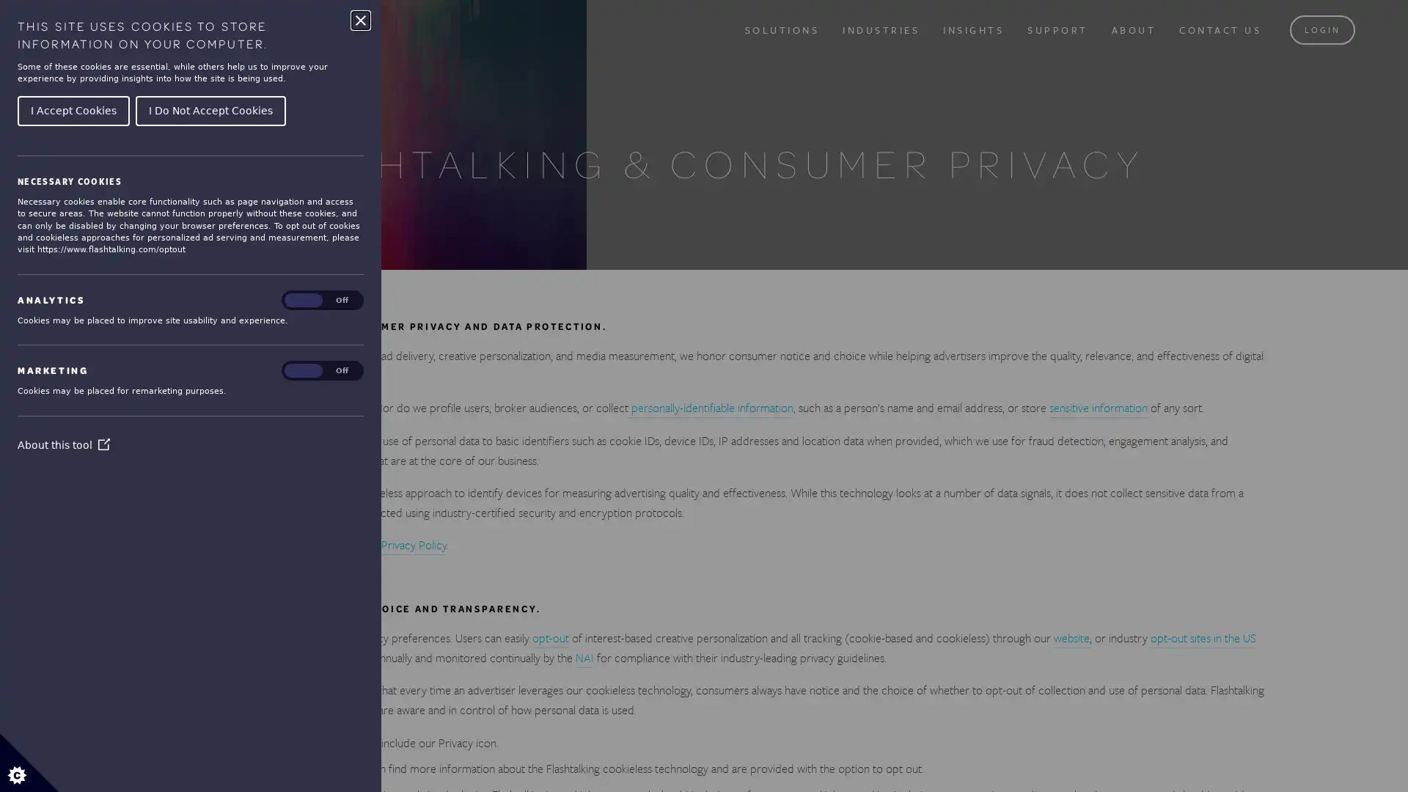  Describe the element at coordinates (73, 109) in the screenshot. I see `I Accept Cookies` at that location.